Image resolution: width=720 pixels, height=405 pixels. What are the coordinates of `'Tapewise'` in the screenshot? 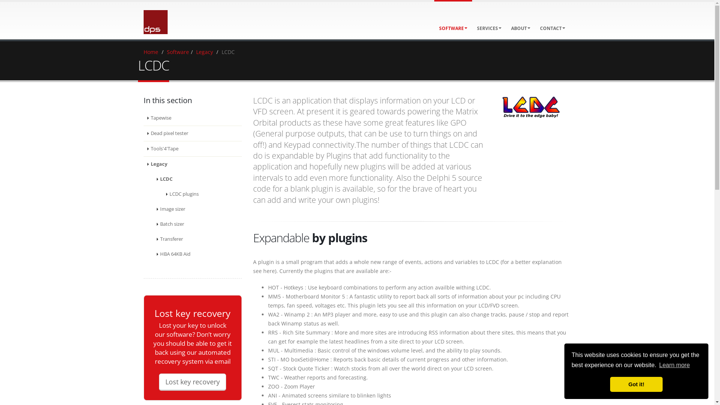 It's located at (192, 118).